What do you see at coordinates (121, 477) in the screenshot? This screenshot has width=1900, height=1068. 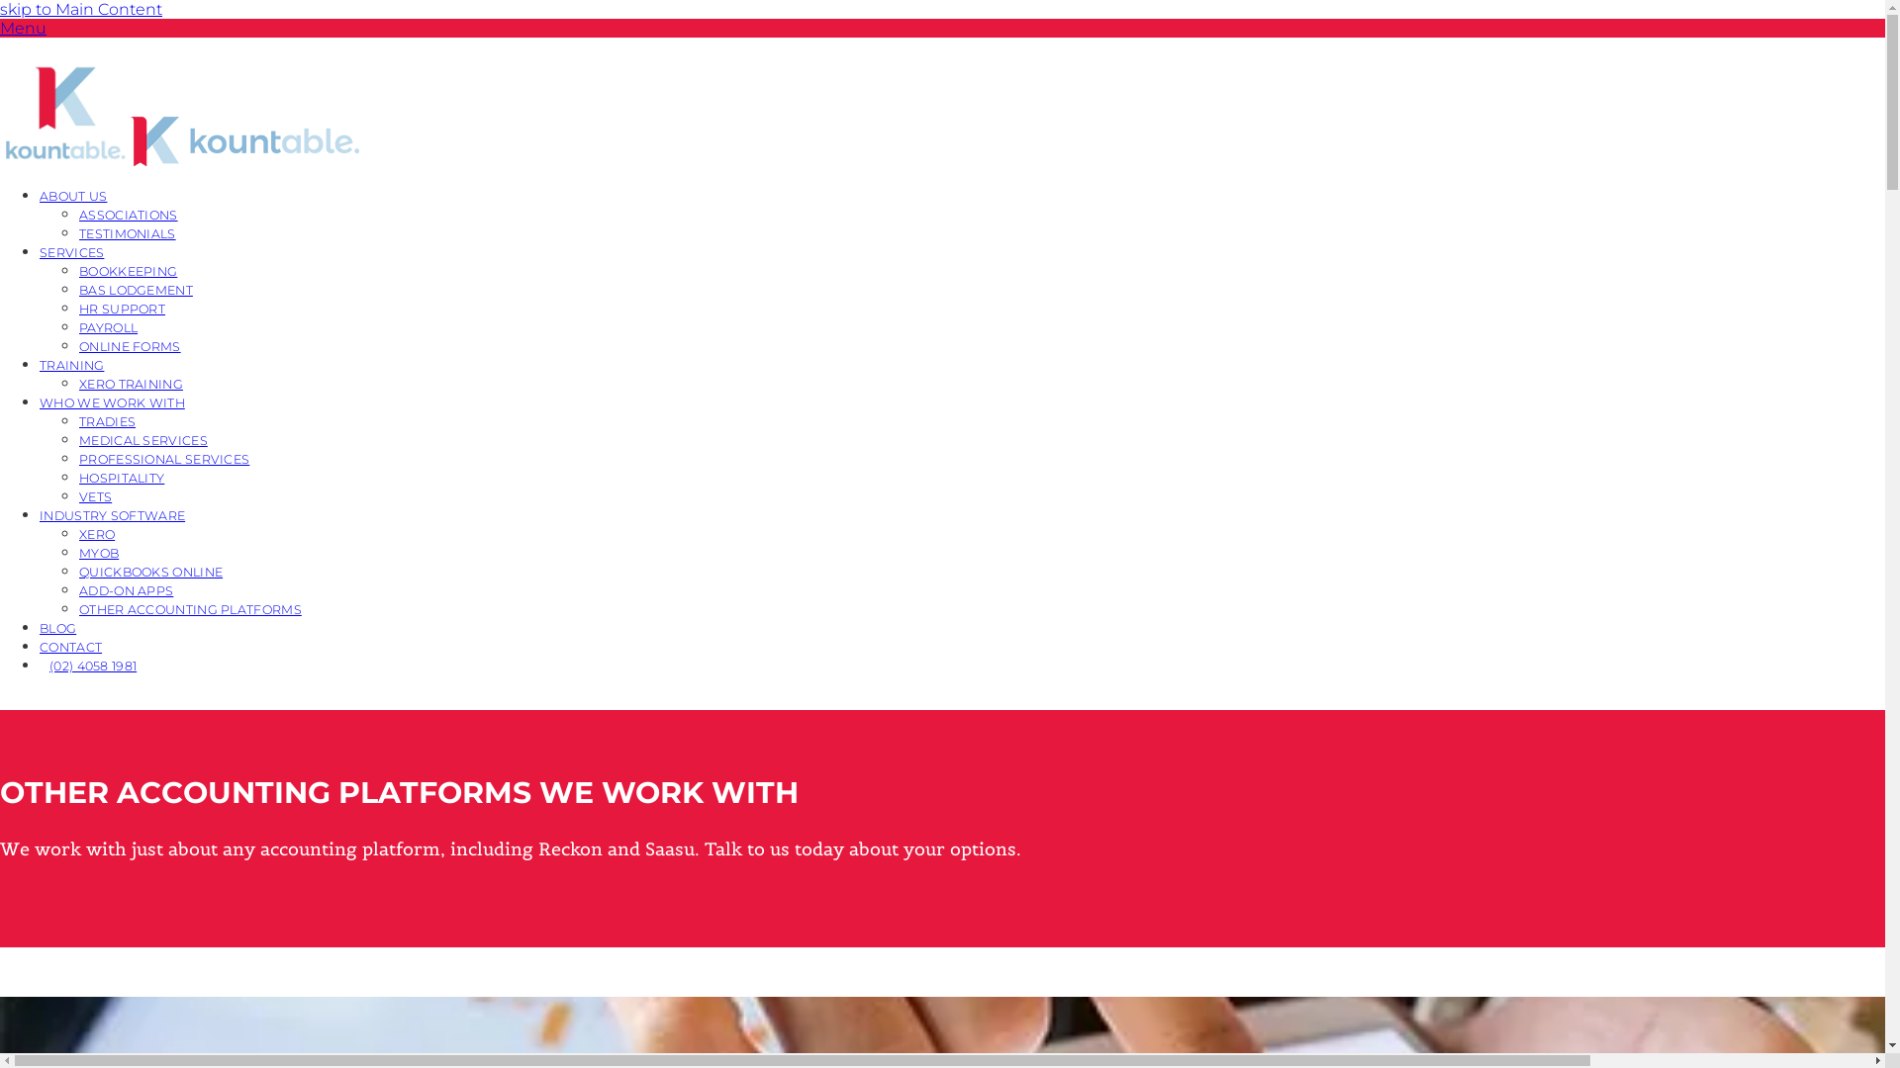 I see `'HOSPITALITY'` at bounding box center [121, 477].